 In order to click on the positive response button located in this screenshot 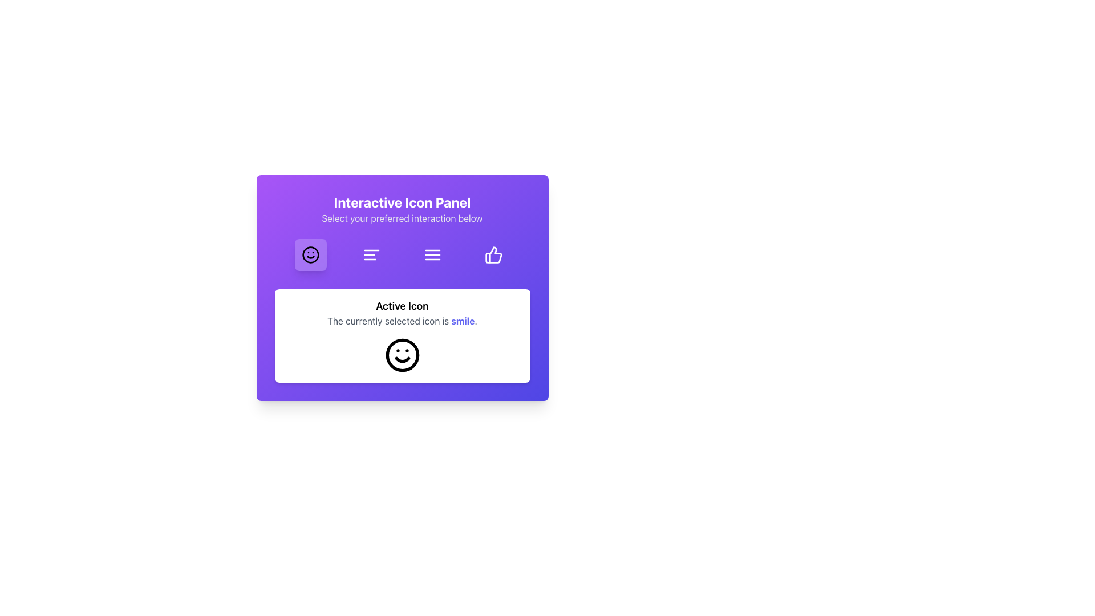, I will do `click(494, 254)`.